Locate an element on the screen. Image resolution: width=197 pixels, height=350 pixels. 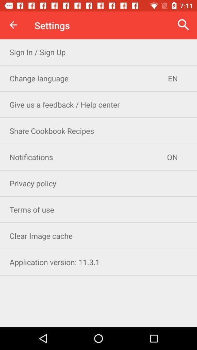
the share cookbook recipes is located at coordinates (98, 131).